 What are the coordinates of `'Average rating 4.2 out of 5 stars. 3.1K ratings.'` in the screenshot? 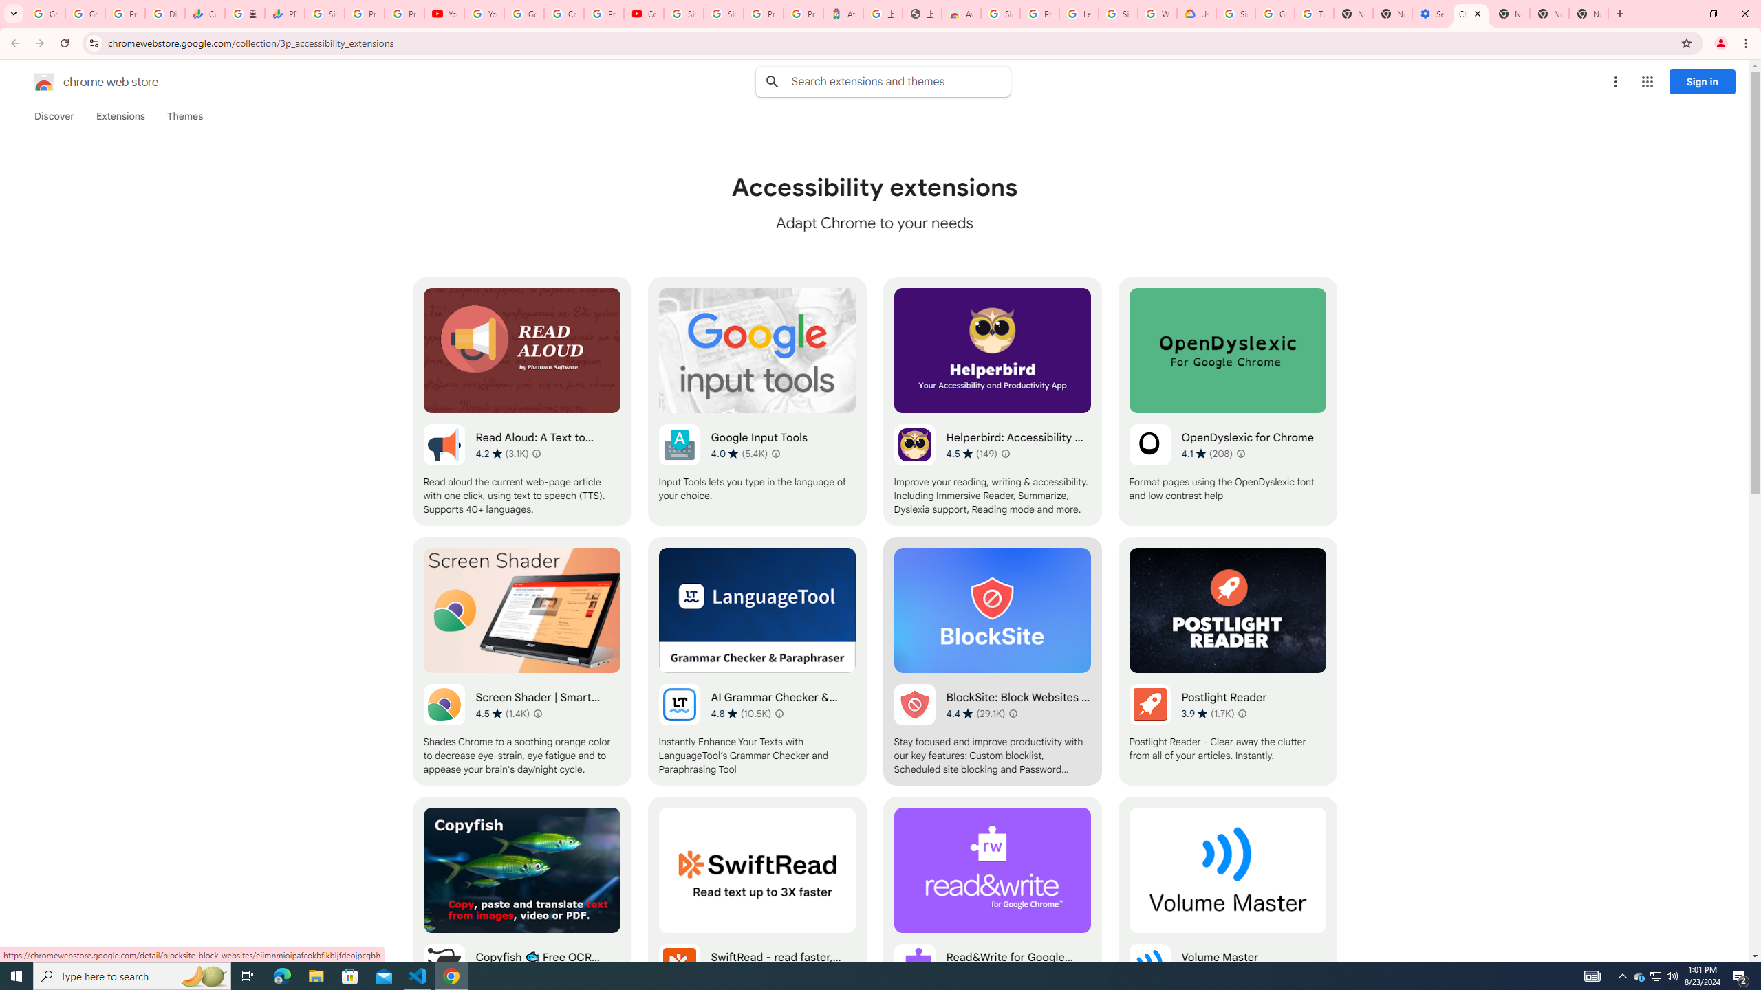 It's located at (501, 453).